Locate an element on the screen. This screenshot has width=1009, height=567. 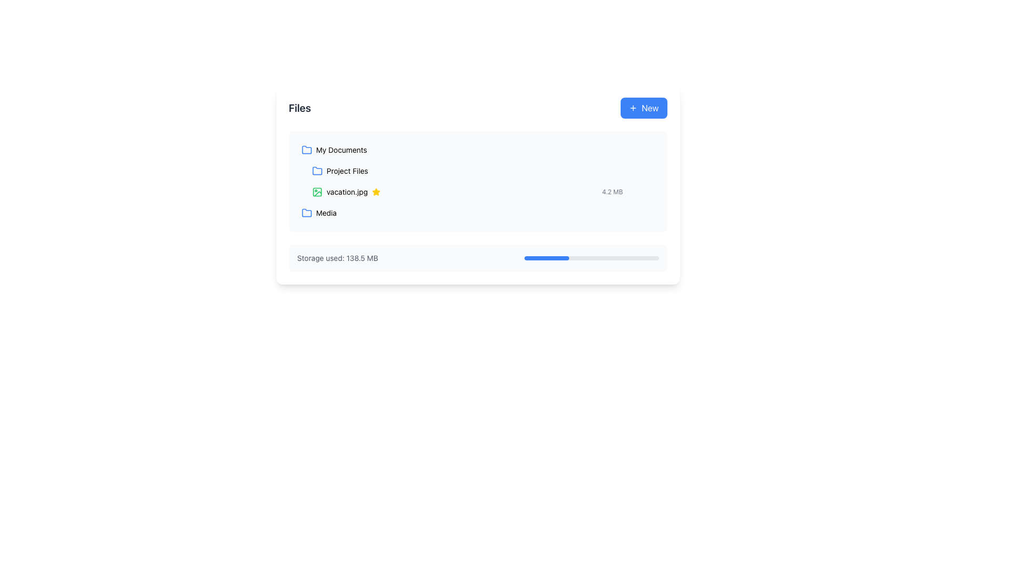
the circular download button, which is located in the file options toolbar to the right of the filename, to observe its style change is located at coordinates (633, 171).